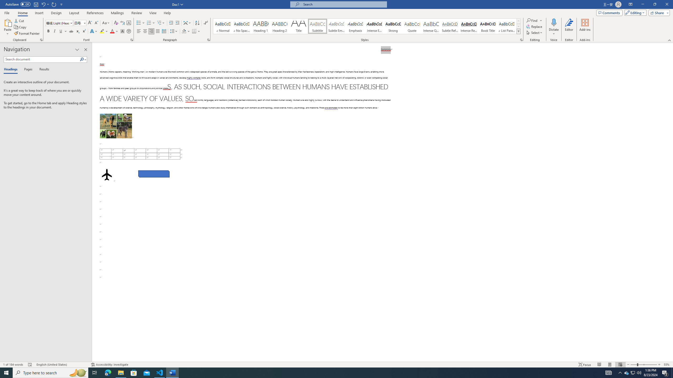  I want to click on 'Print Layout', so click(610, 365).